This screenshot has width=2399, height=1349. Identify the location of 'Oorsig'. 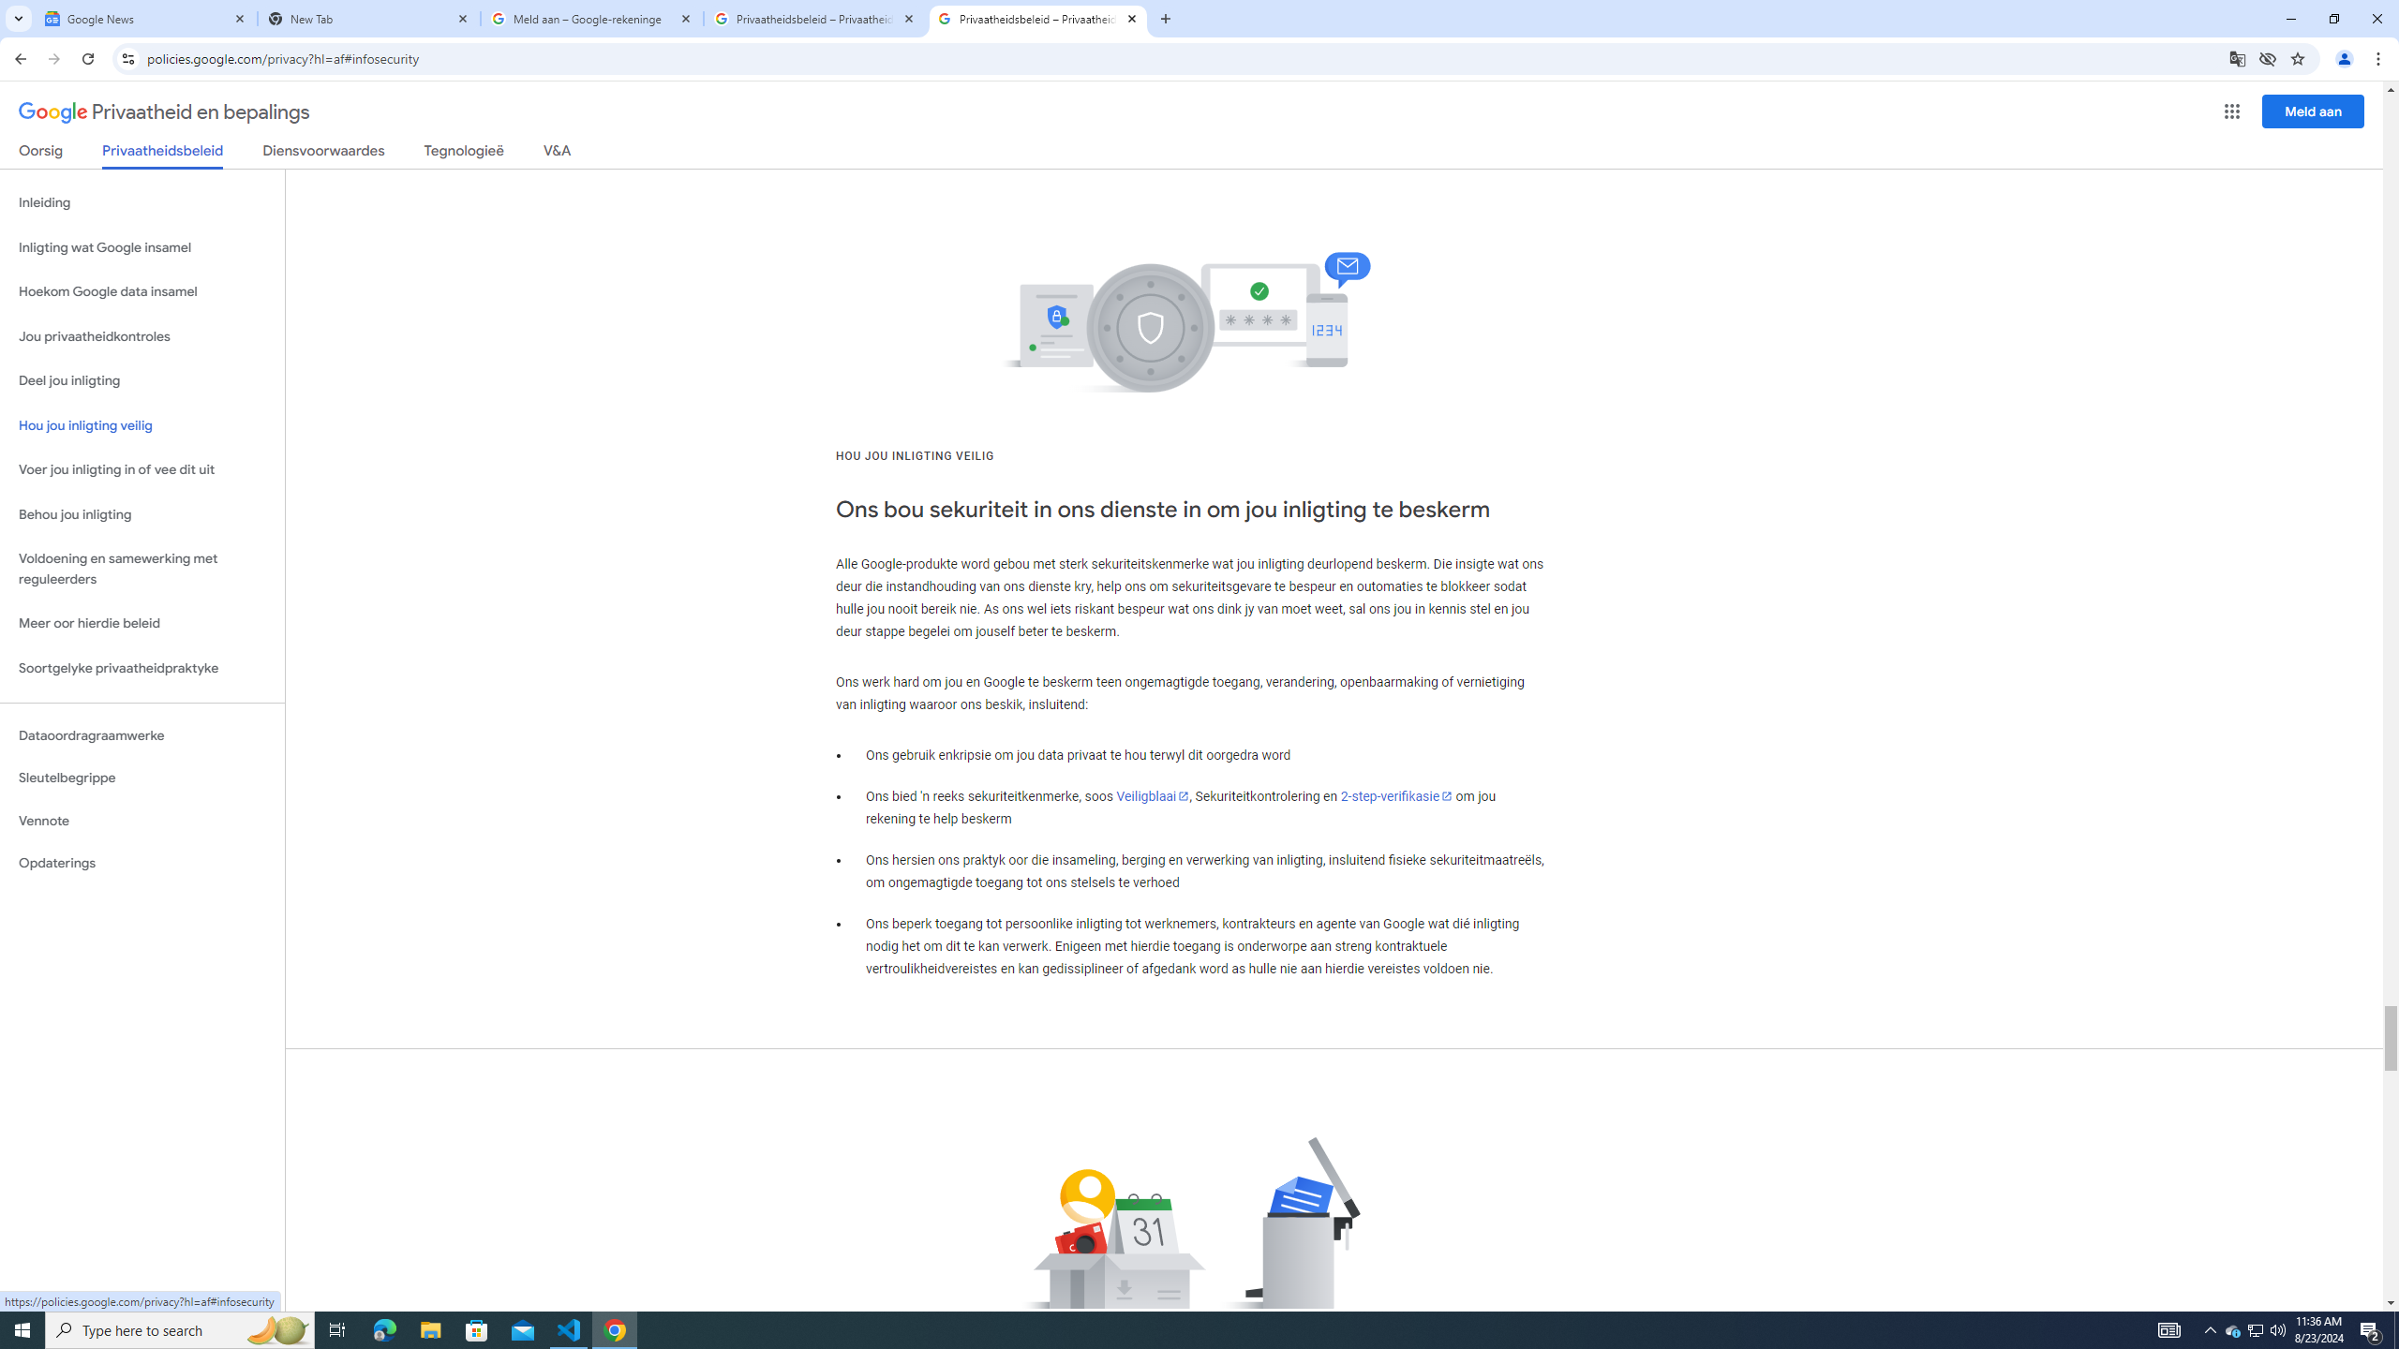
(41, 154).